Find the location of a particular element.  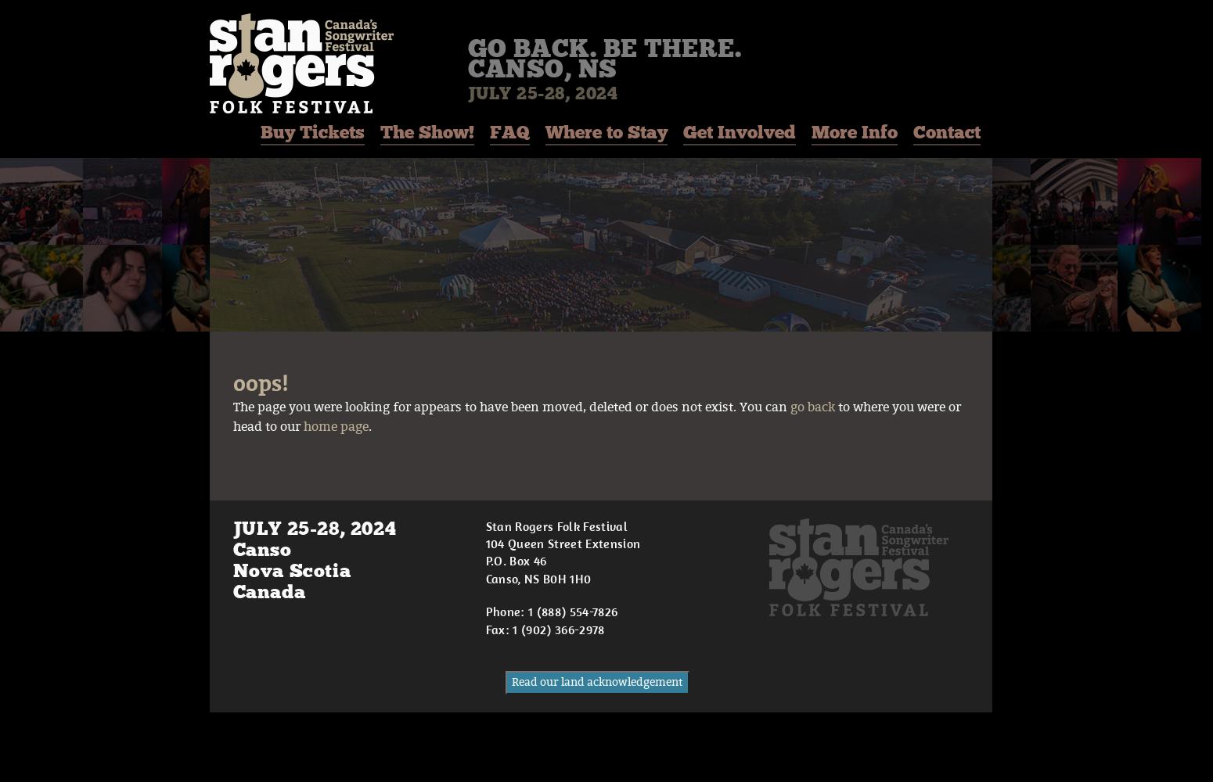

'Canso, NS' is located at coordinates (541, 68).